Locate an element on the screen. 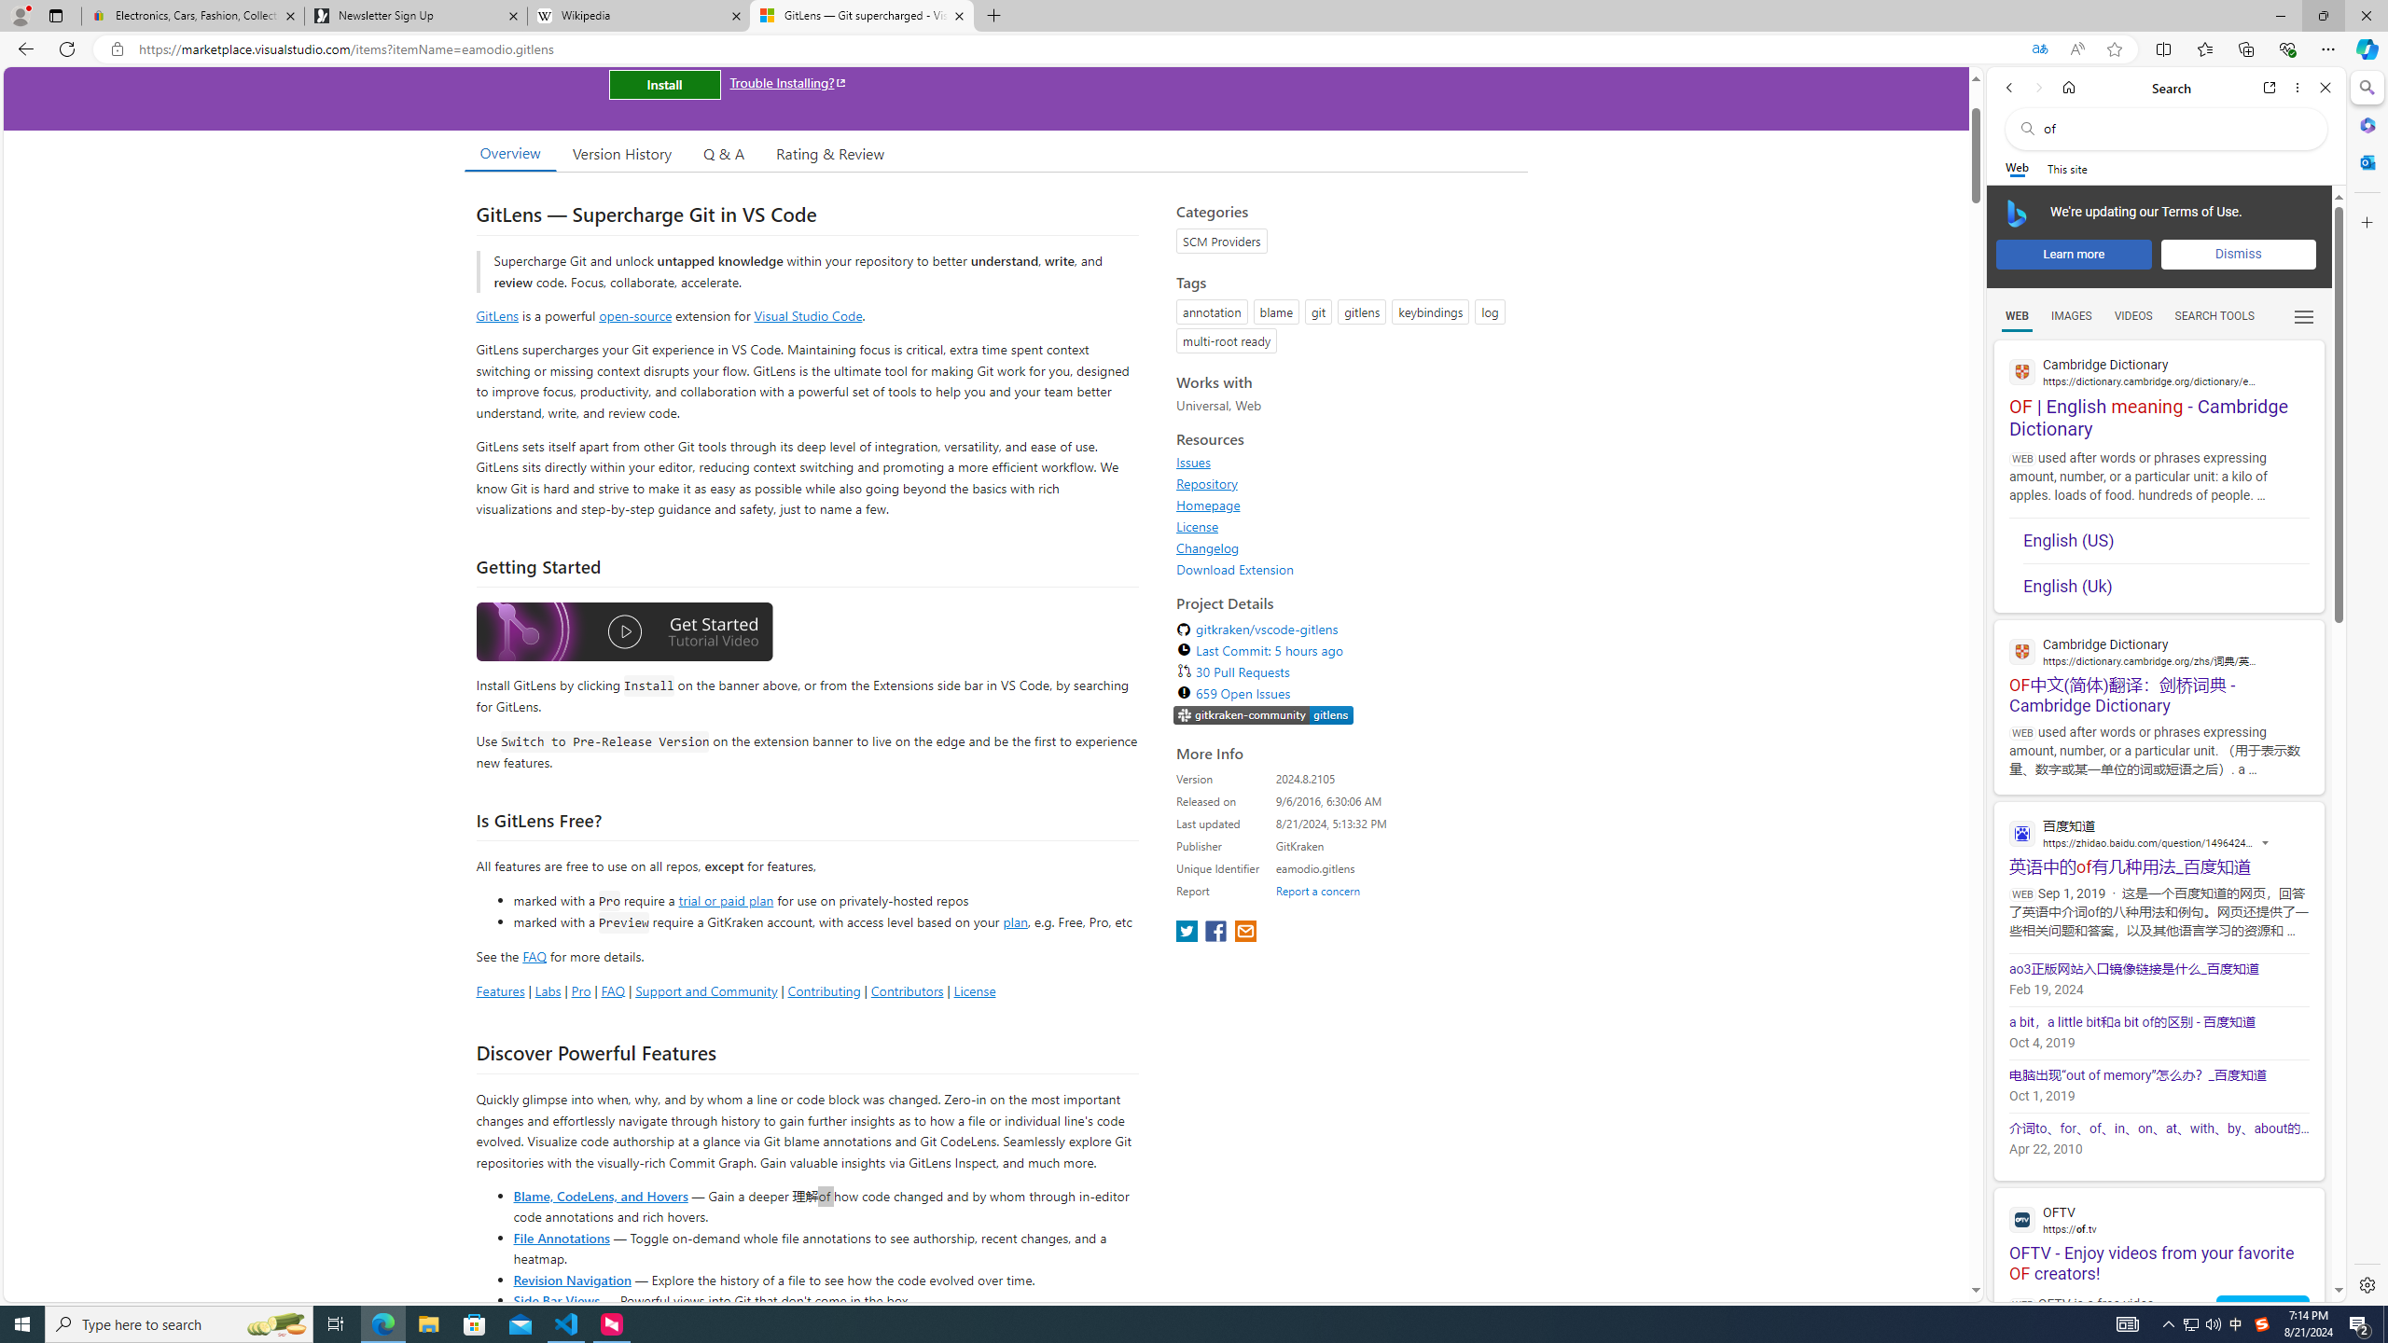 The height and width of the screenshot is (1343, 2388). 'Contributors' is located at coordinates (905, 990).